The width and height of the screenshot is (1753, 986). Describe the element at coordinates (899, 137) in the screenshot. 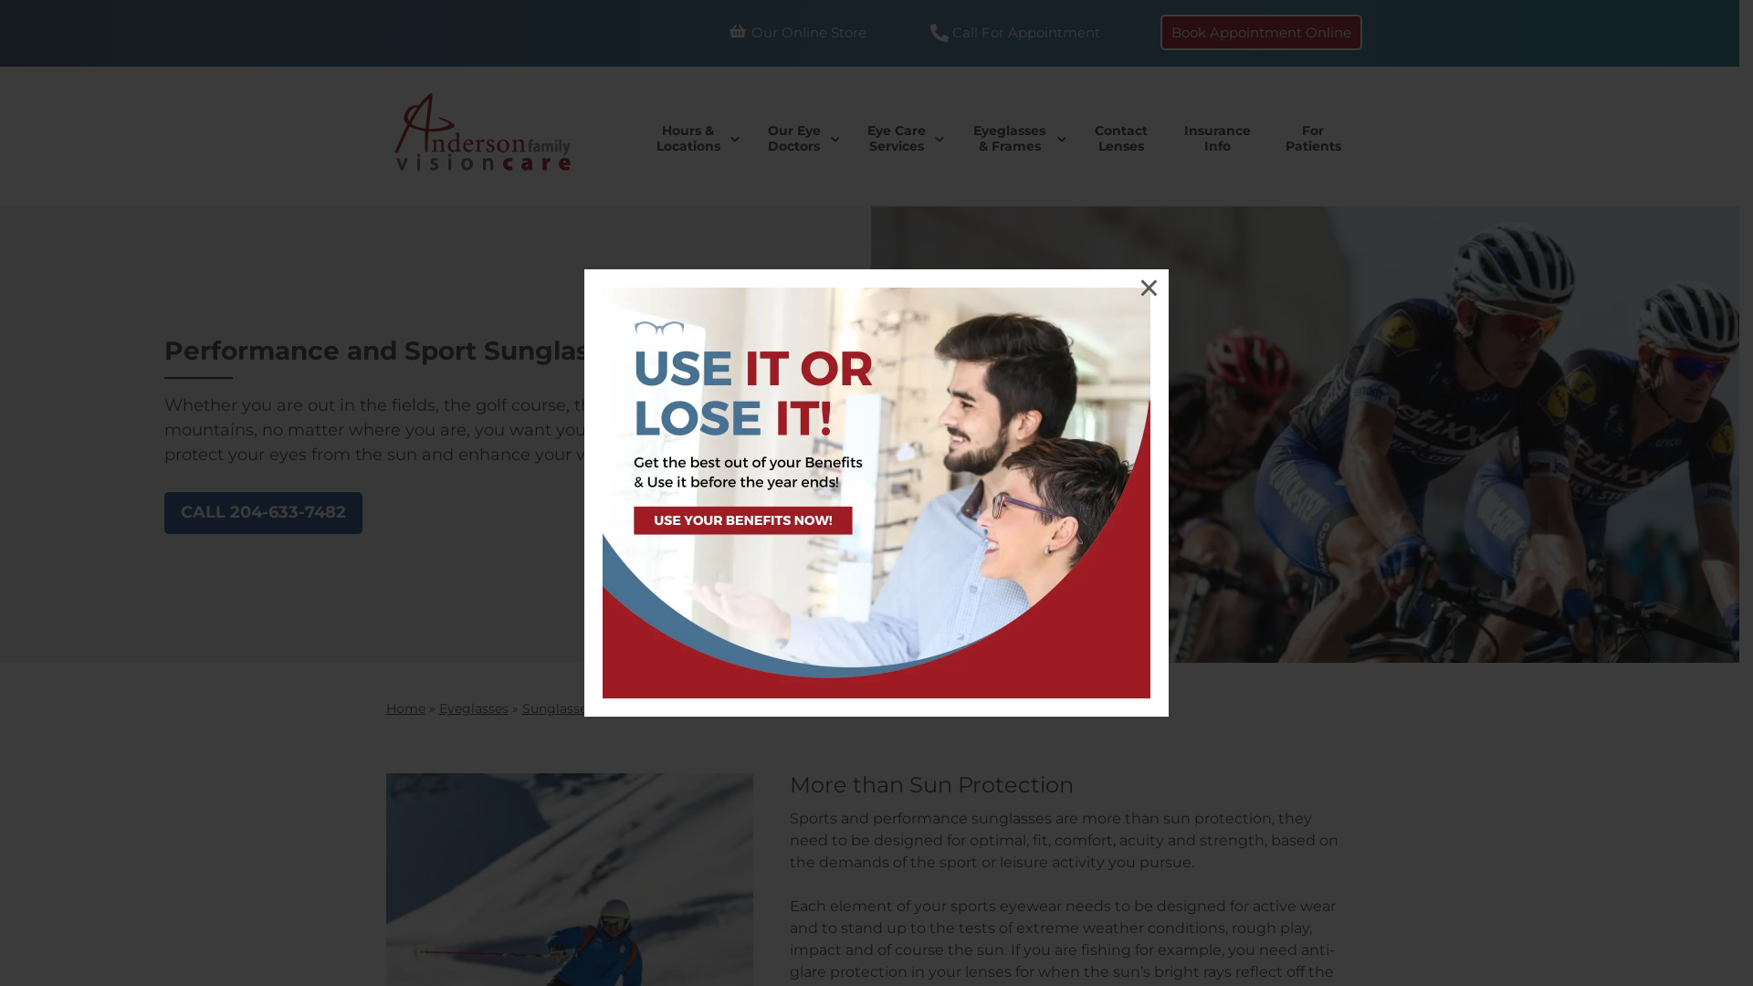

I see `'Eye Care Services'` at that location.